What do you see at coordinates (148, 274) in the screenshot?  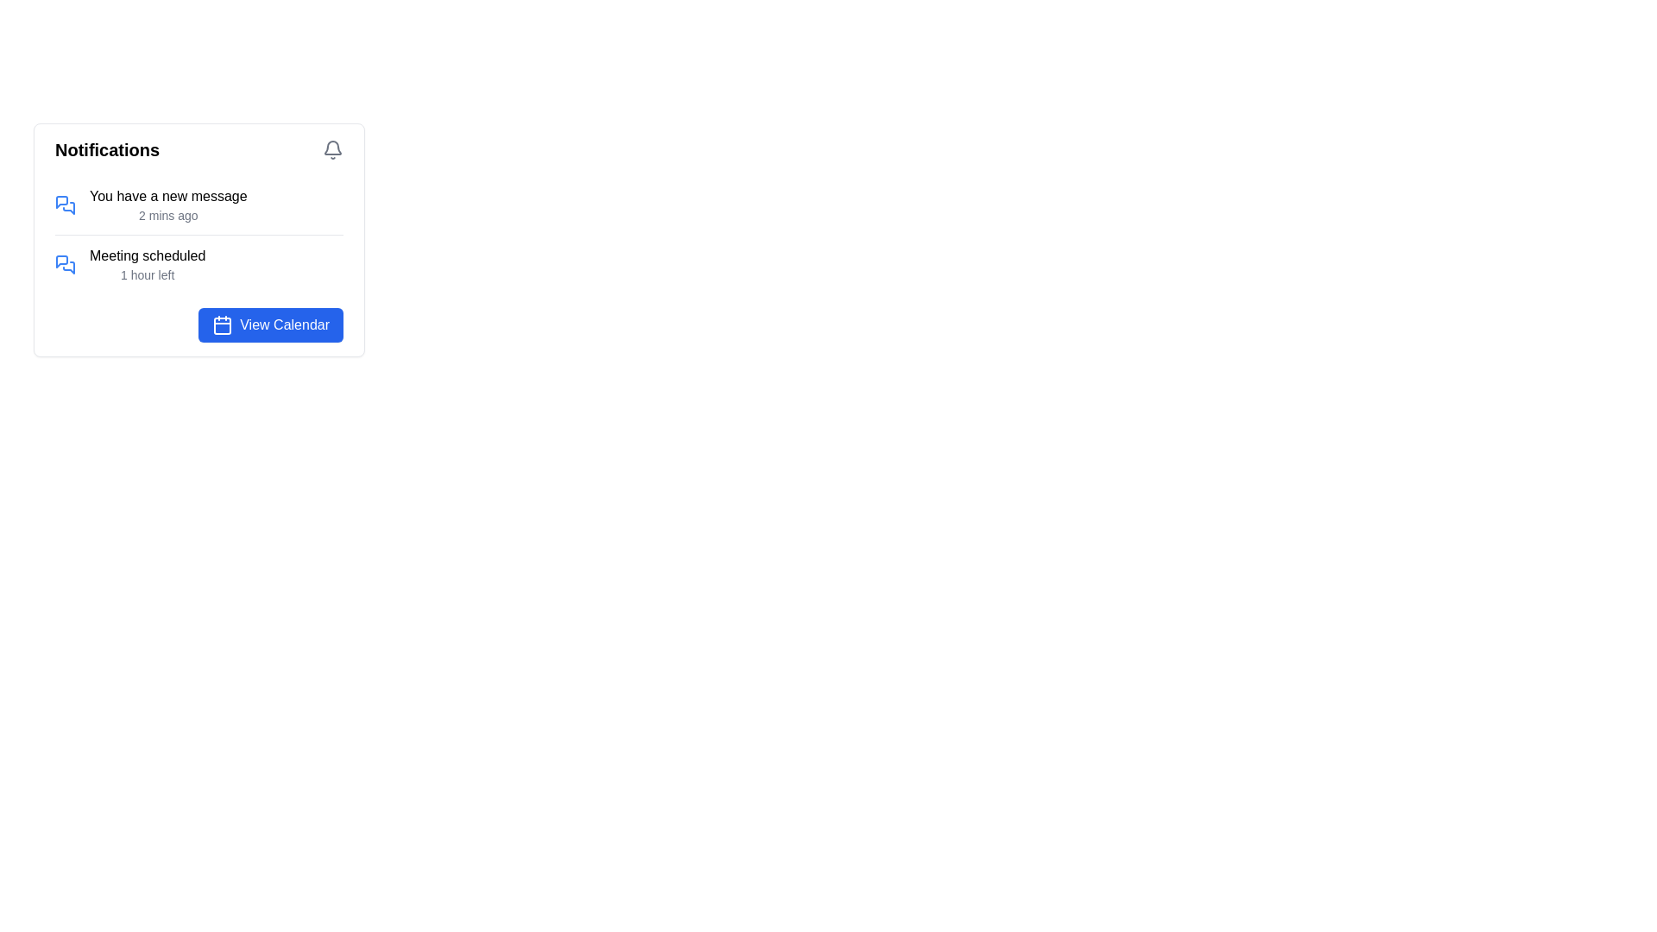 I see `the text label providing additional temporal context for the notification indicating a deadline or remaining time period, located below and aligned to the left of 'Meeting scheduled'` at bounding box center [148, 274].